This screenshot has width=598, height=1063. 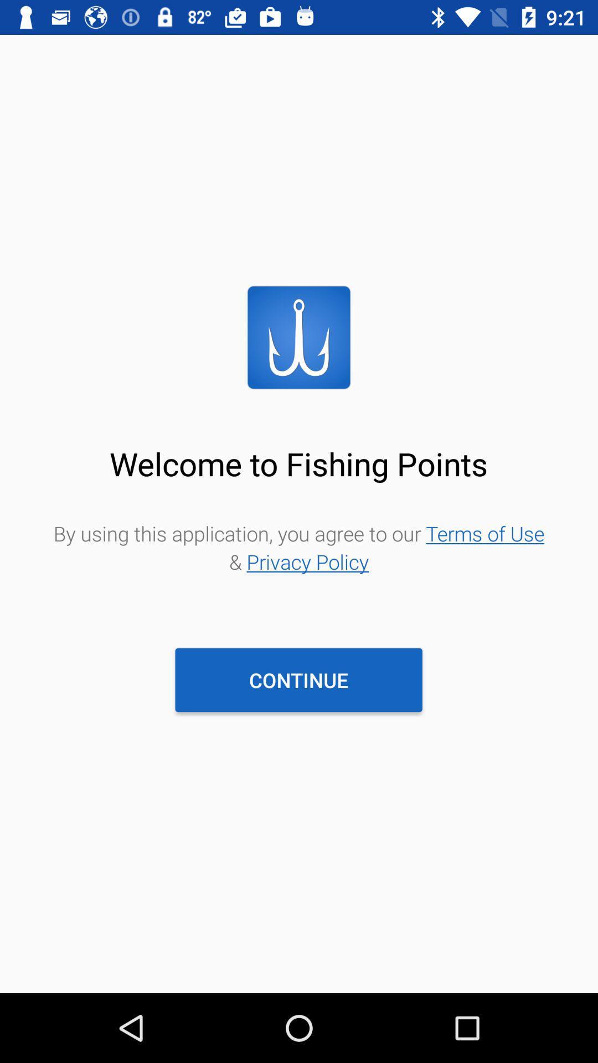 What do you see at coordinates (298, 679) in the screenshot?
I see `continue` at bounding box center [298, 679].